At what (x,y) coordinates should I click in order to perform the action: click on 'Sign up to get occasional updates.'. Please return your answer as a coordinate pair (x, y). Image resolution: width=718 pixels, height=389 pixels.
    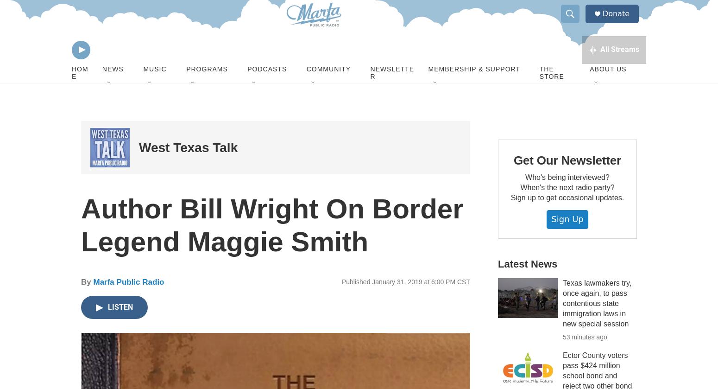
    Looking at the image, I should click on (567, 220).